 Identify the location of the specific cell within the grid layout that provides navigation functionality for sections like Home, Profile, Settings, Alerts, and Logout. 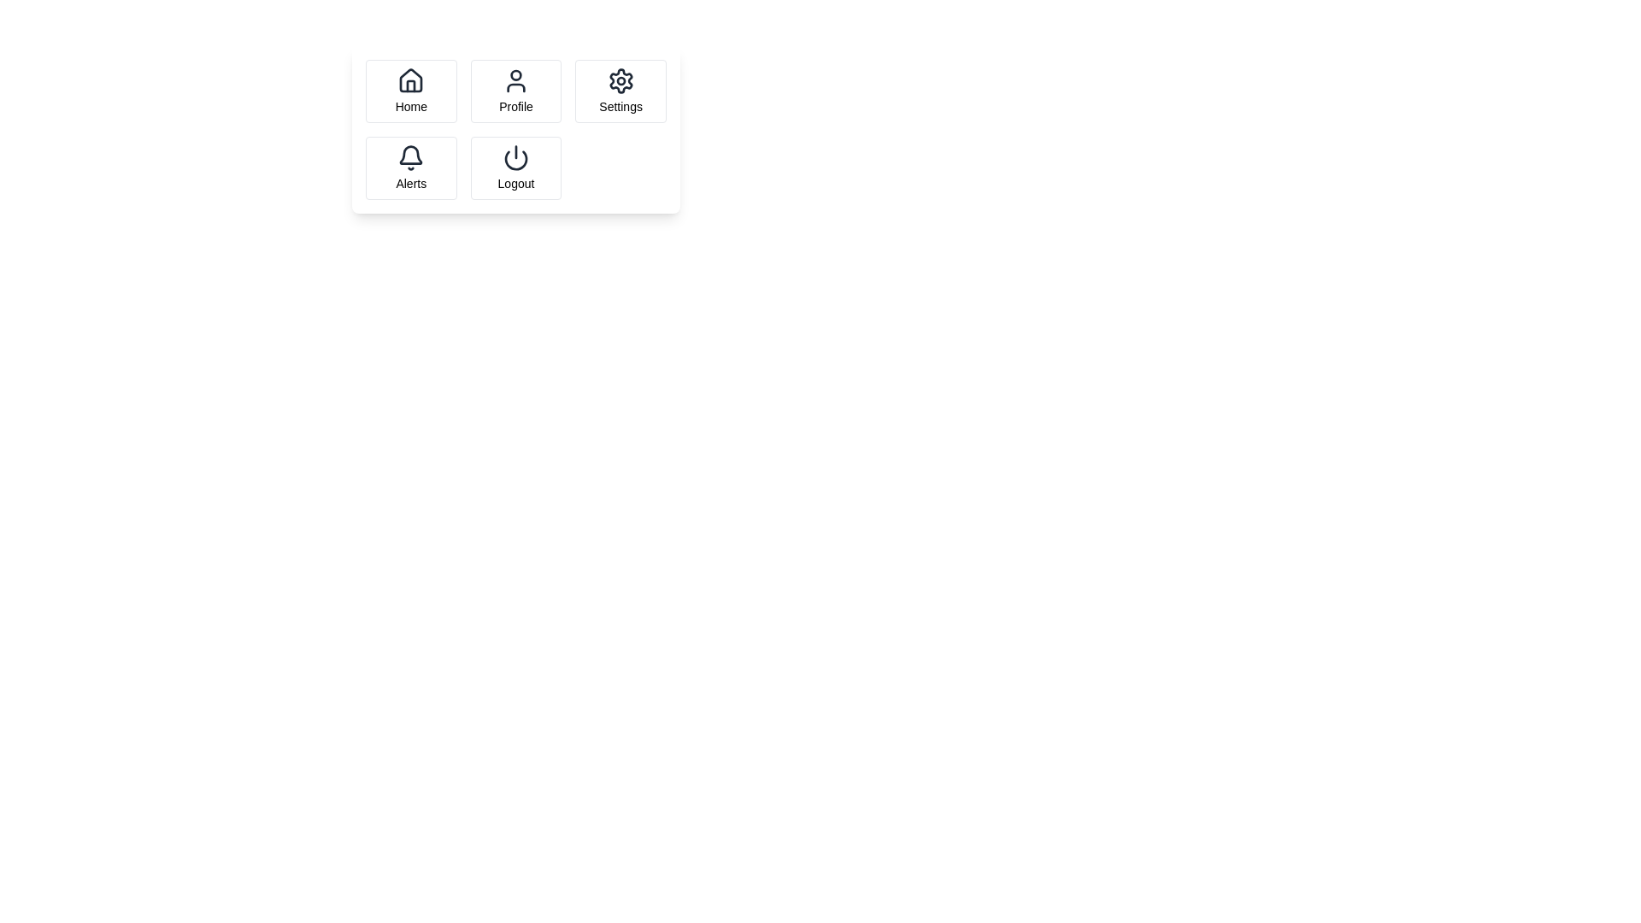
(515, 128).